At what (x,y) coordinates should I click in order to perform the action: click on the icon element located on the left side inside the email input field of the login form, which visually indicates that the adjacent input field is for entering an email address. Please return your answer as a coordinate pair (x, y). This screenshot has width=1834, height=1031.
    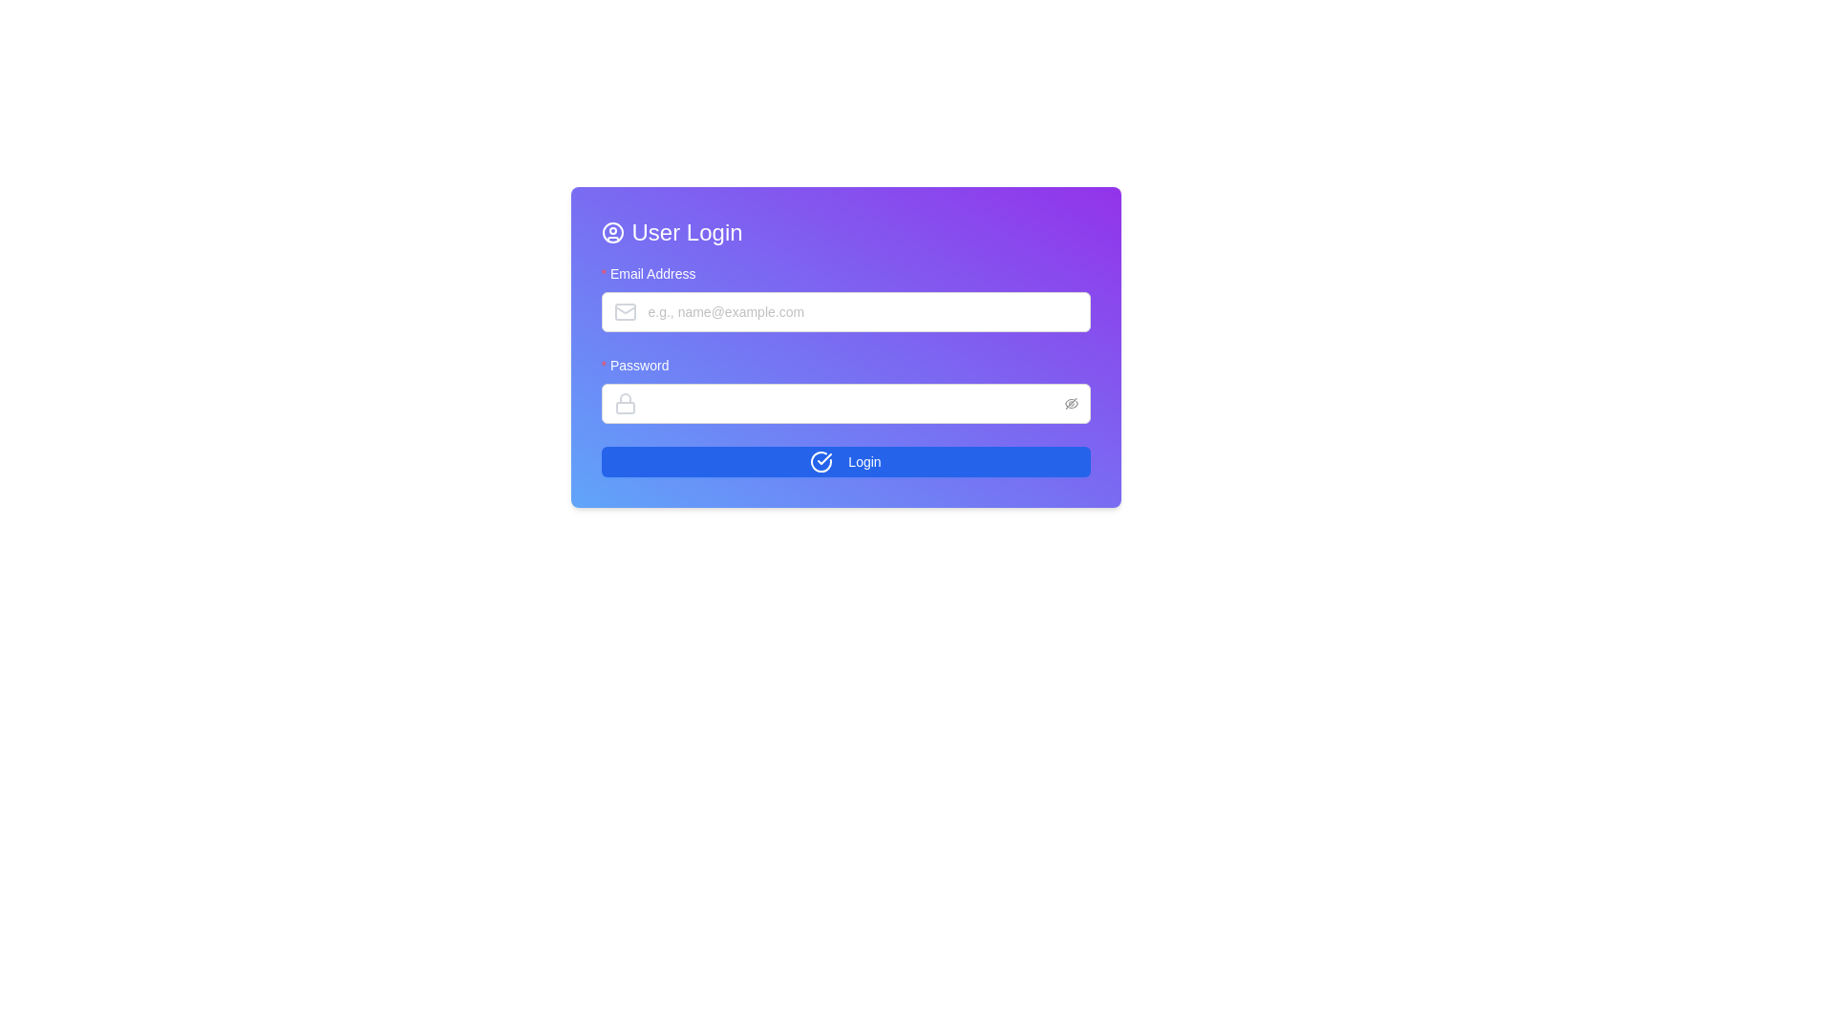
    Looking at the image, I should click on (629, 311).